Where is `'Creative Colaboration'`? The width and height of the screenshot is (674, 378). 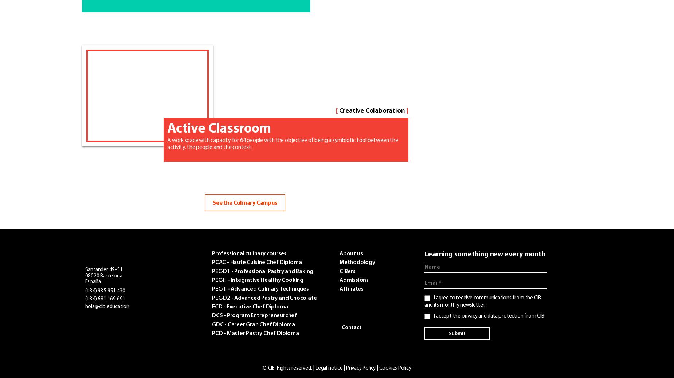
'Creative Colaboration' is located at coordinates (371, 110).